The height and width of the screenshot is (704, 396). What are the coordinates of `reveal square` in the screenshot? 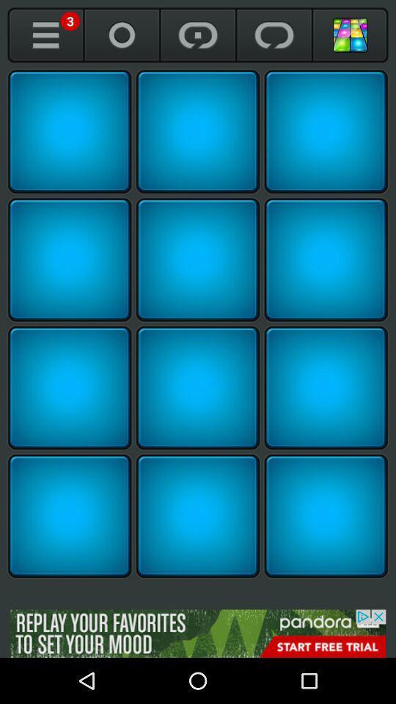 It's located at (69, 131).